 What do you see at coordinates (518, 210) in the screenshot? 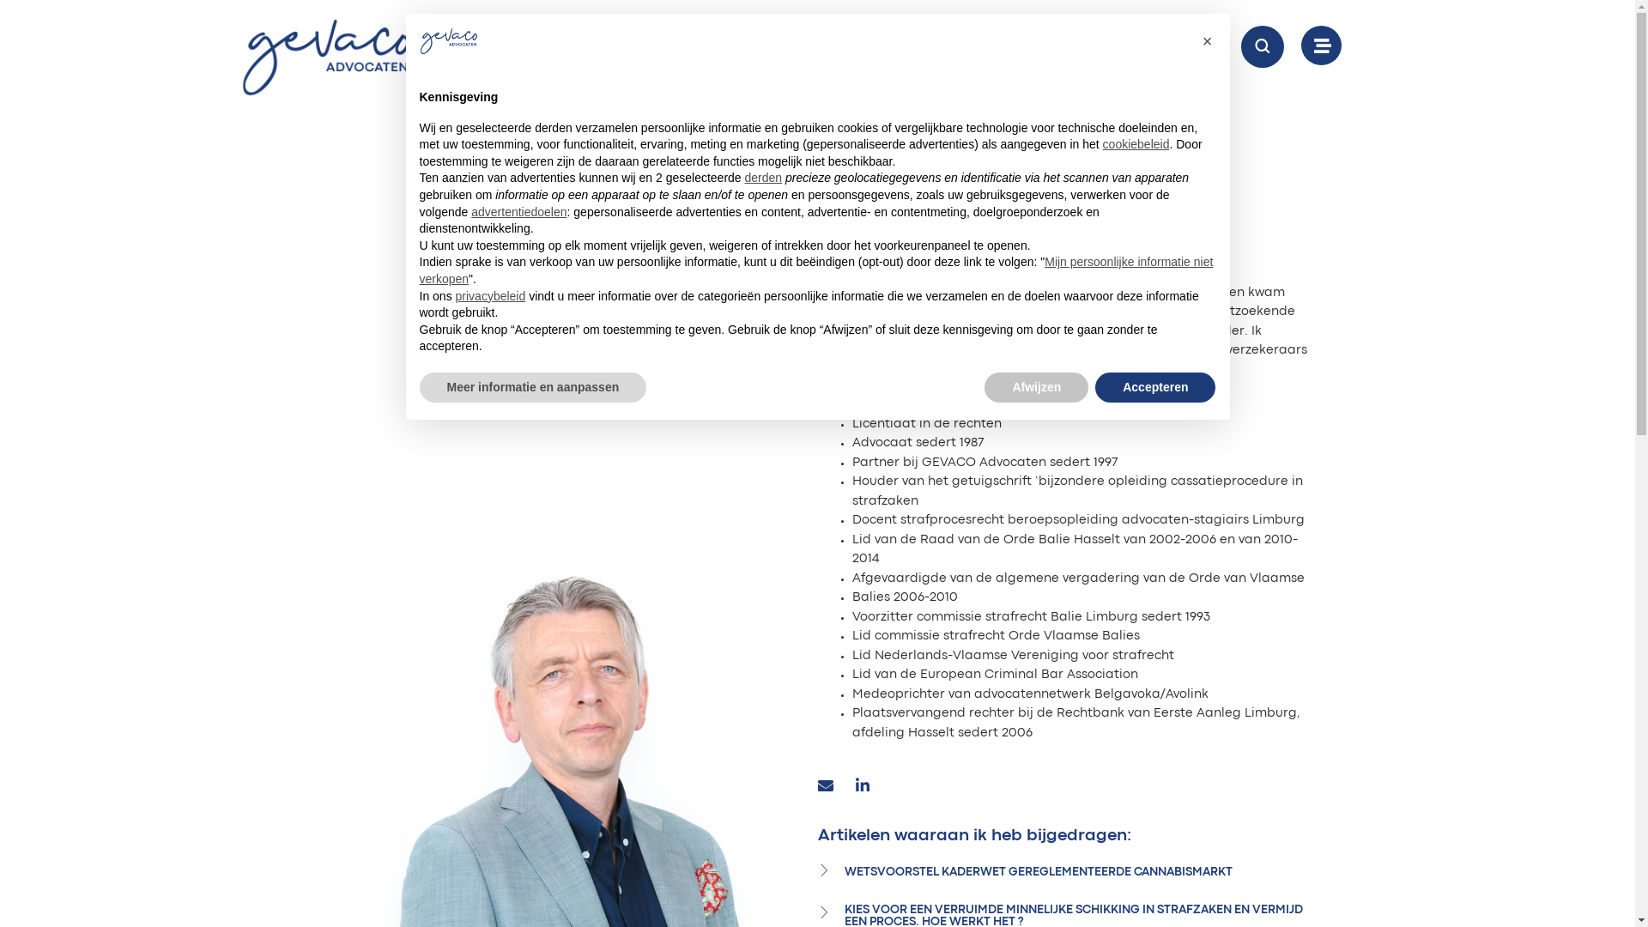
I see `'advertentiedoelen'` at bounding box center [518, 210].